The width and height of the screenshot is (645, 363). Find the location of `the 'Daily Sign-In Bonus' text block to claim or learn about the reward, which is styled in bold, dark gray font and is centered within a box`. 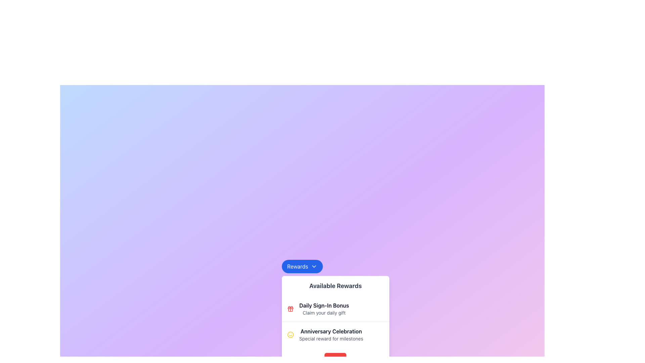

the 'Daily Sign-In Bonus' text block to claim or learn about the reward, which is styled in bold, dark gray font and is centered within a box is located at coordinates (324, 309).